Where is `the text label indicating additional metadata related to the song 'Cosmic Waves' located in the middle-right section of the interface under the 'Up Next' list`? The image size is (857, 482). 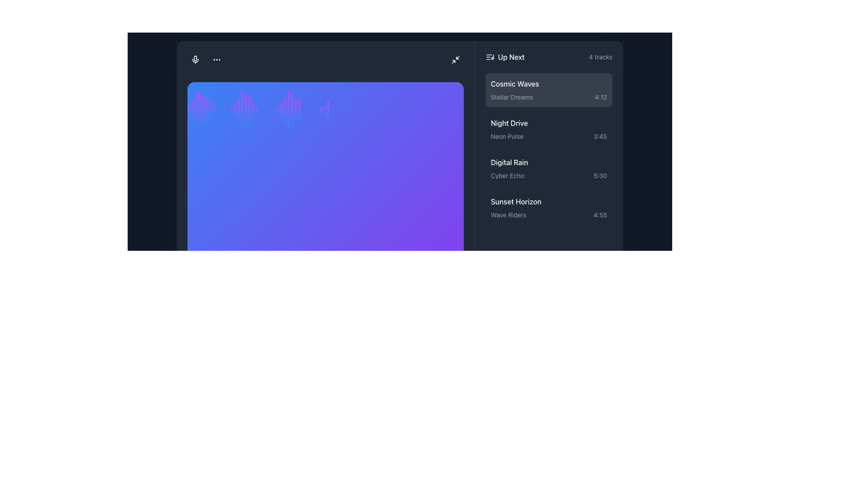 the text label indicating additional metadata related to the song 'Cosmic Waves' located in the middle-right section of the interface under the 'Up Next' list is located at coordinates (512, 97).